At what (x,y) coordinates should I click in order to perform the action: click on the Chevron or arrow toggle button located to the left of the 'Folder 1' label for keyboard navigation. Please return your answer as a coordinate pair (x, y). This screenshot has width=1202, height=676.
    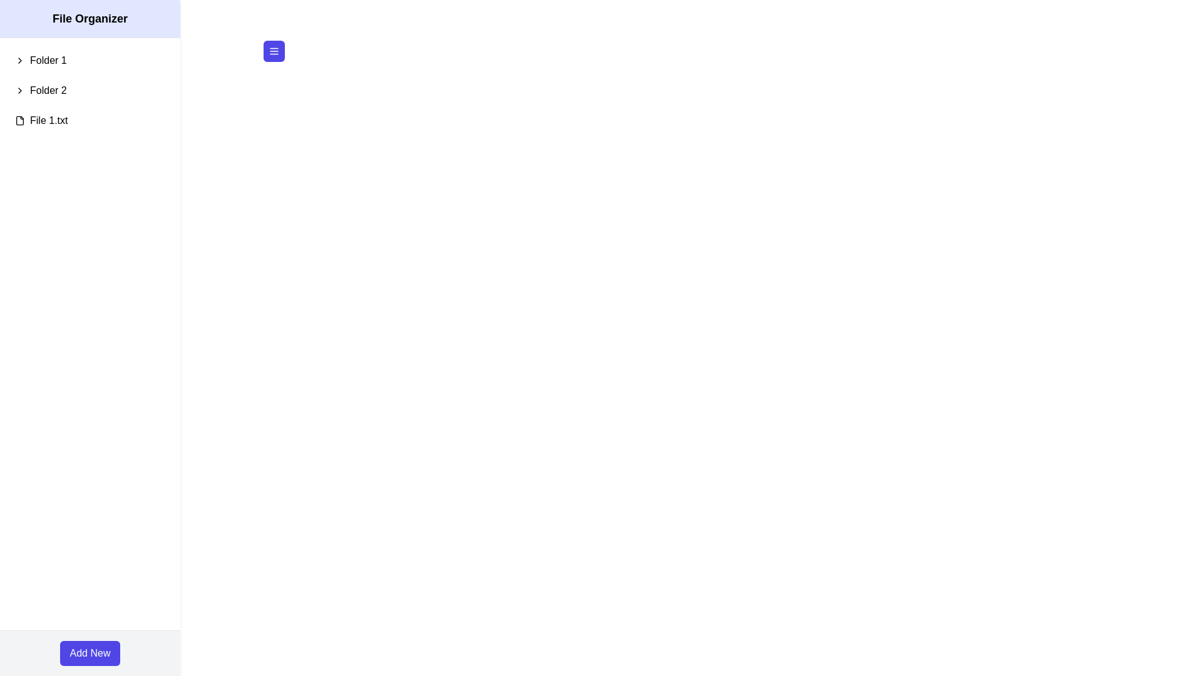
    Looking at the image, I should click on (20, 60).